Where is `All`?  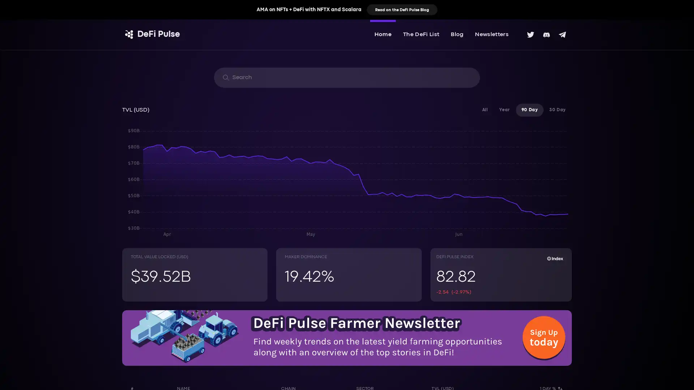
All is located at coordinates (484, 110).